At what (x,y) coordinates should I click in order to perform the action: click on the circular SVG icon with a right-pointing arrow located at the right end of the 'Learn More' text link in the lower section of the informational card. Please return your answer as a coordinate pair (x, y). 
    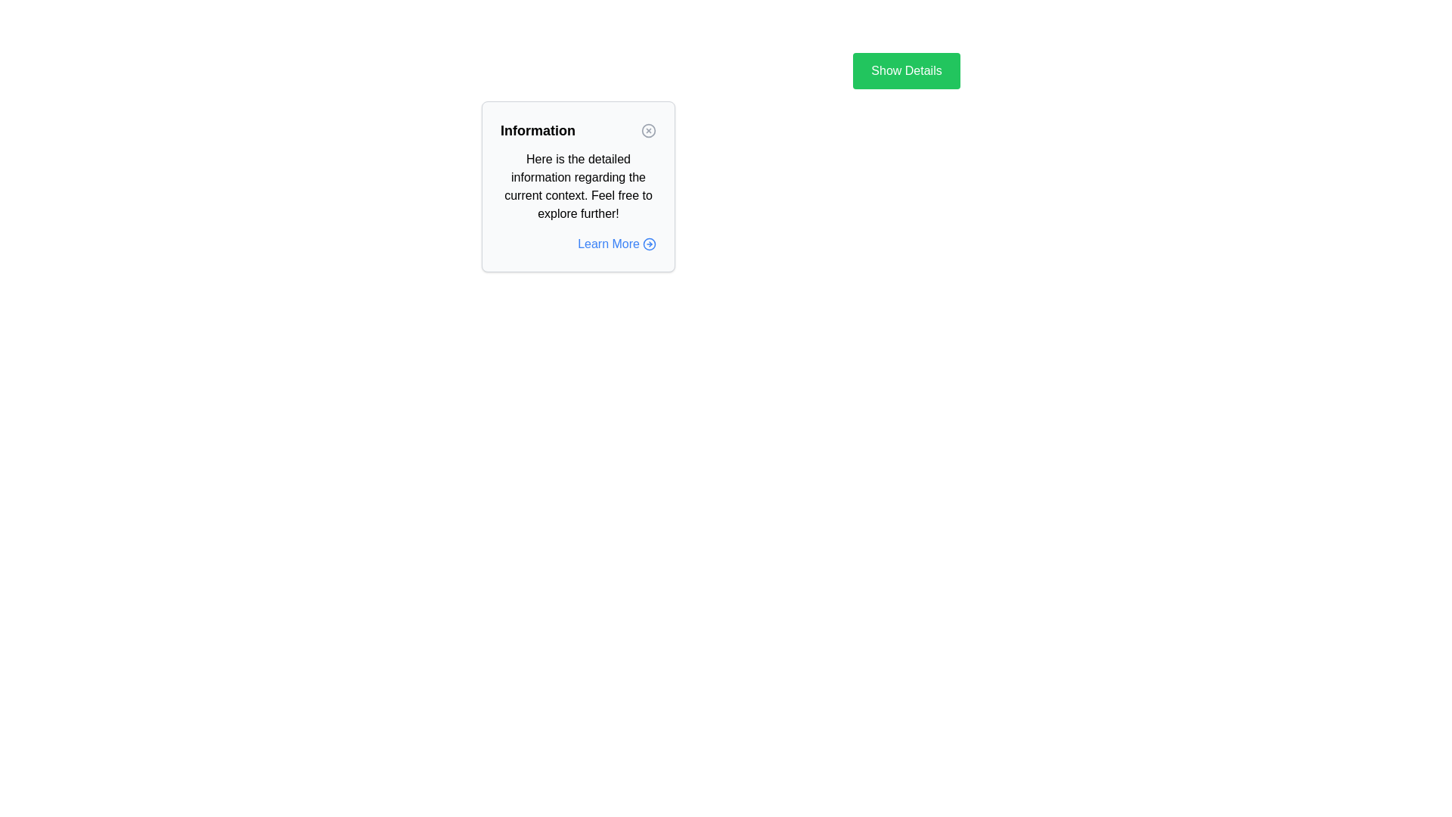
    Looking at the image, I should click on (650, 244).